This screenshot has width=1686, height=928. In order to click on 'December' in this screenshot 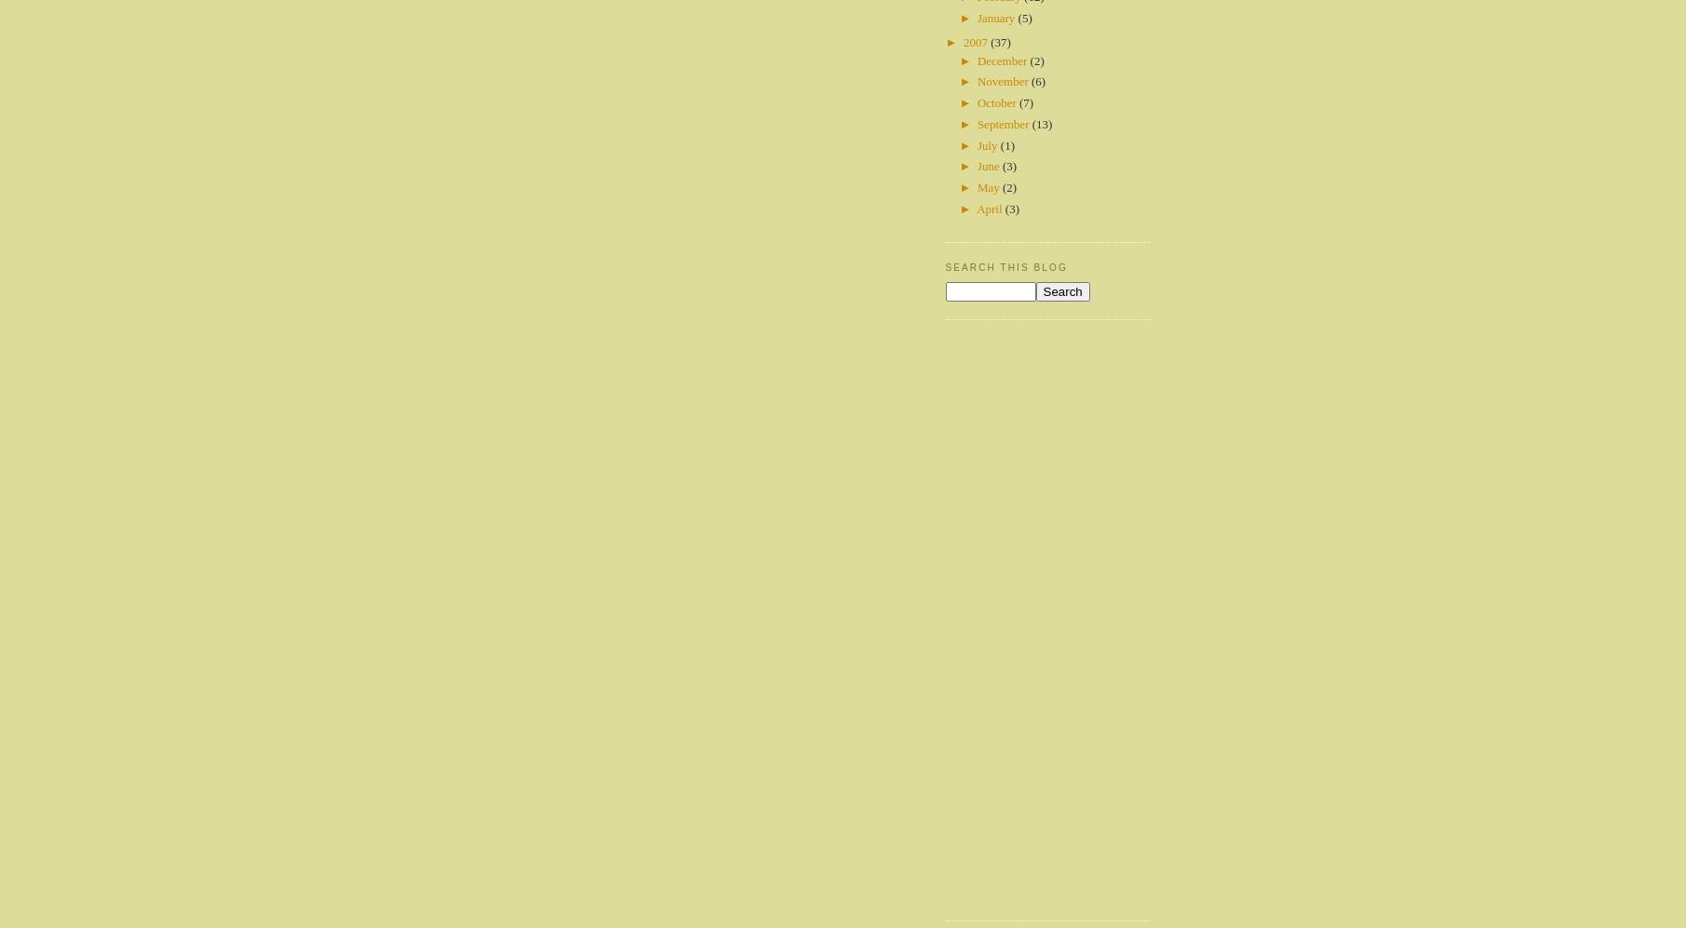, I will do `click(1003, 59)`.